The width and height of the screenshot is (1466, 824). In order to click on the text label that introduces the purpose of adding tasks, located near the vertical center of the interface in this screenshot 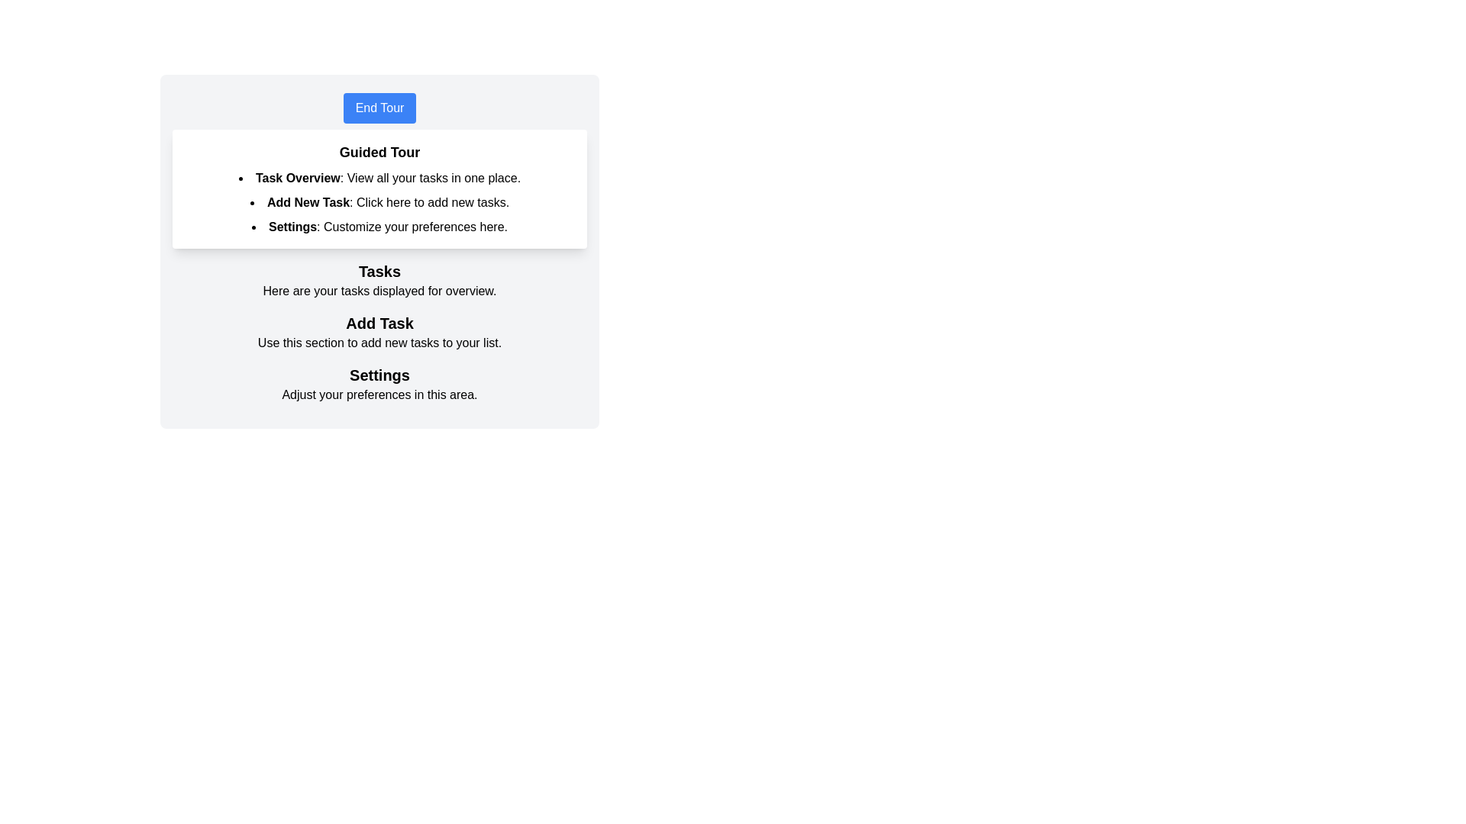, I will do `click(379, 323)`.